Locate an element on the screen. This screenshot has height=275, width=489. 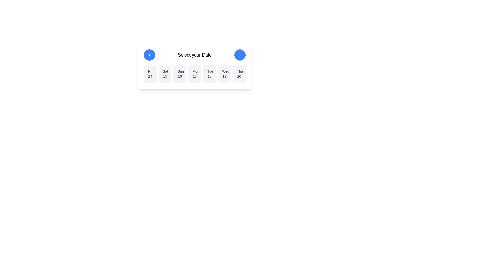
the left navigation button represented by an SVG icon within a button in the date selector, which allows the user to scroll to previous items or dates is located at coordinates (149, 55).